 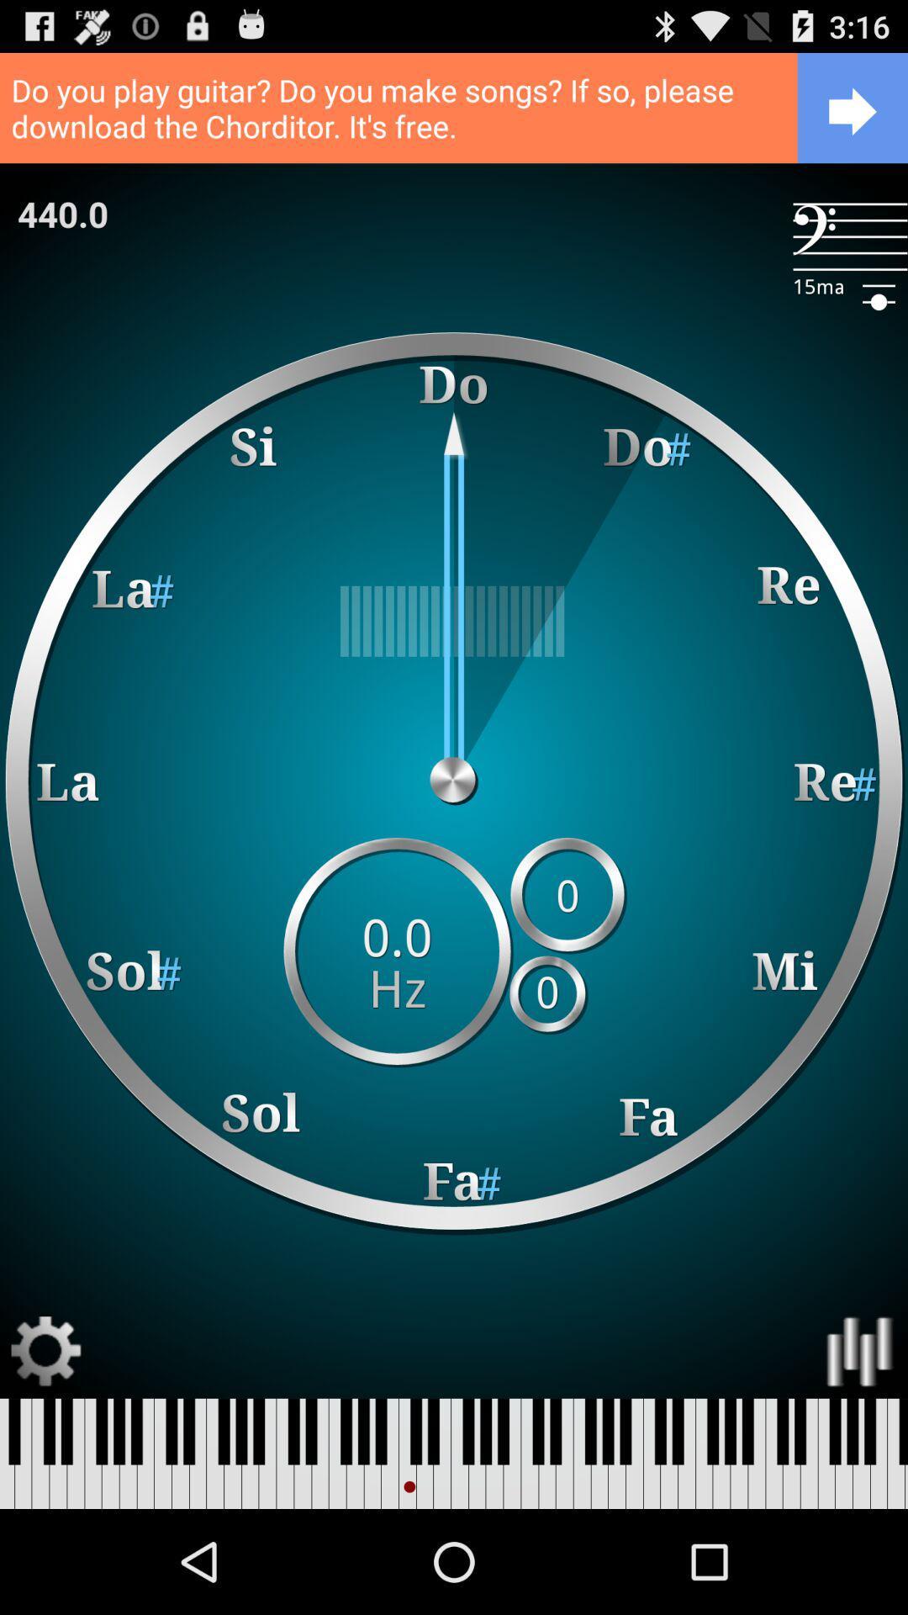 What do you see at coordinates (61, 213) in the screenshot?
I see `440.0 icon` at bounding box center [61, 213].